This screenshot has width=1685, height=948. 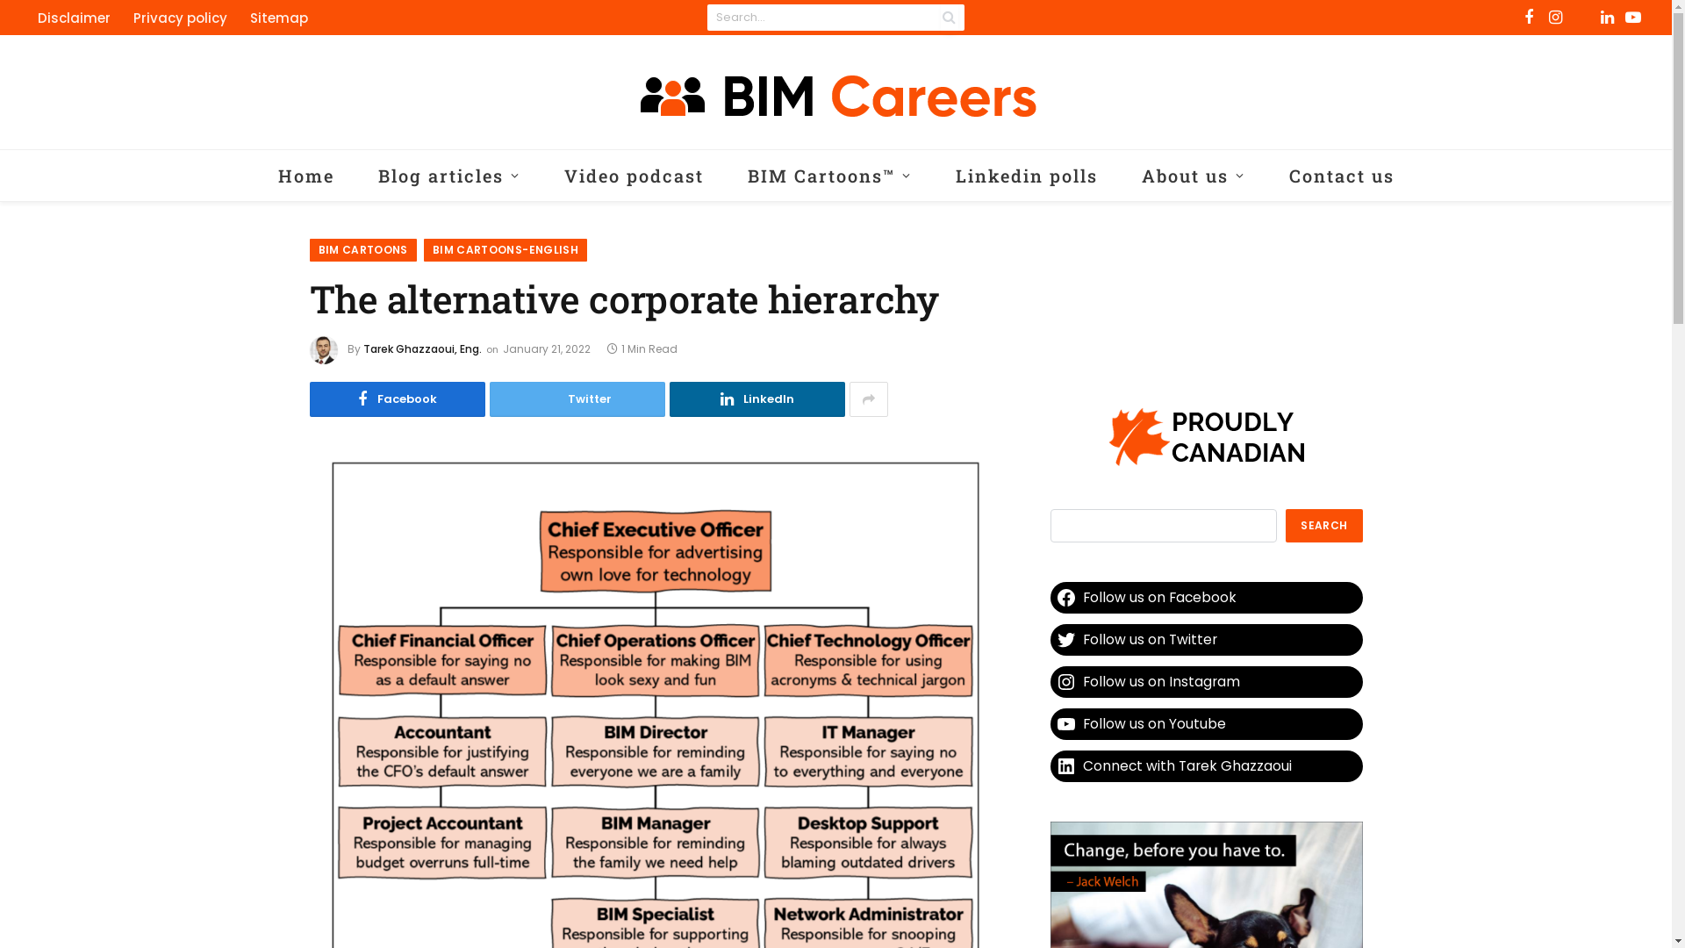 I want to click on 'Connect with Tarek Ghazzaoui', so click(x=1204, y=765).